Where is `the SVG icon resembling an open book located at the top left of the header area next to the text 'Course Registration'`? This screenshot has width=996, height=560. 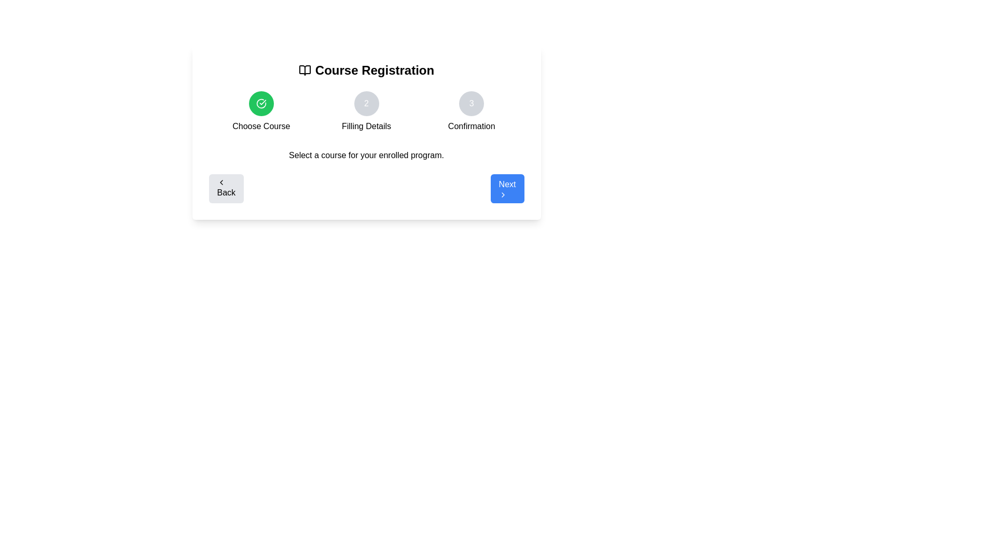
the SVG icon resembling an open book located at the top left of the header area next to the text 'Course Registration' is located at coordinates (304, 70).